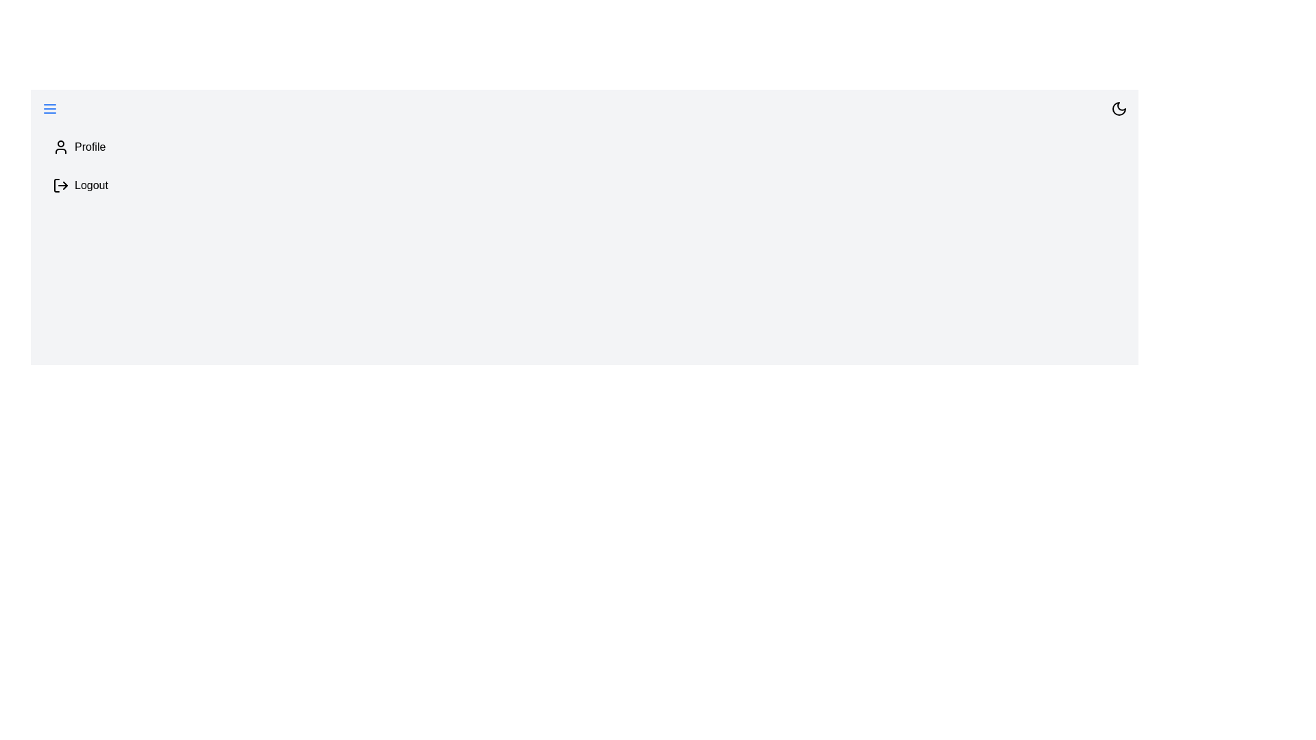 The height and width of the screenshot is (740, 1316). What do you see at coordinates (89, 147) in the screenshot?
I see `the static text label located to the right of the user icon, above the 'Logout' element` at bounding box center [89, 147].